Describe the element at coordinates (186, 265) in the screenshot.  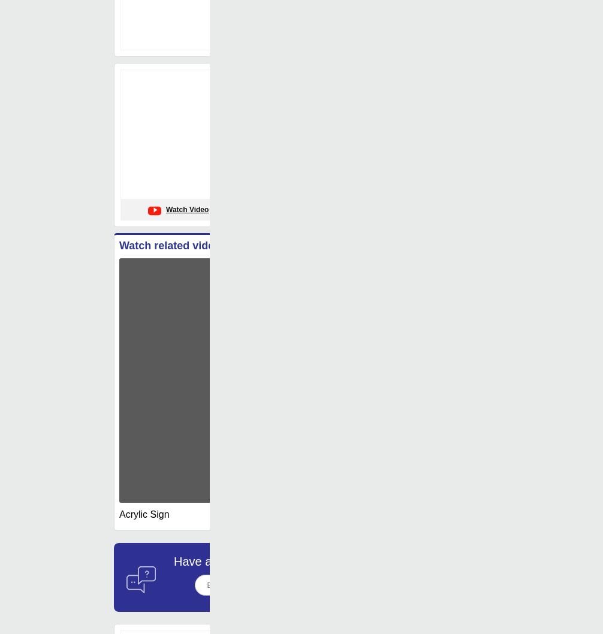
I see `'Watch Video'` at that location.